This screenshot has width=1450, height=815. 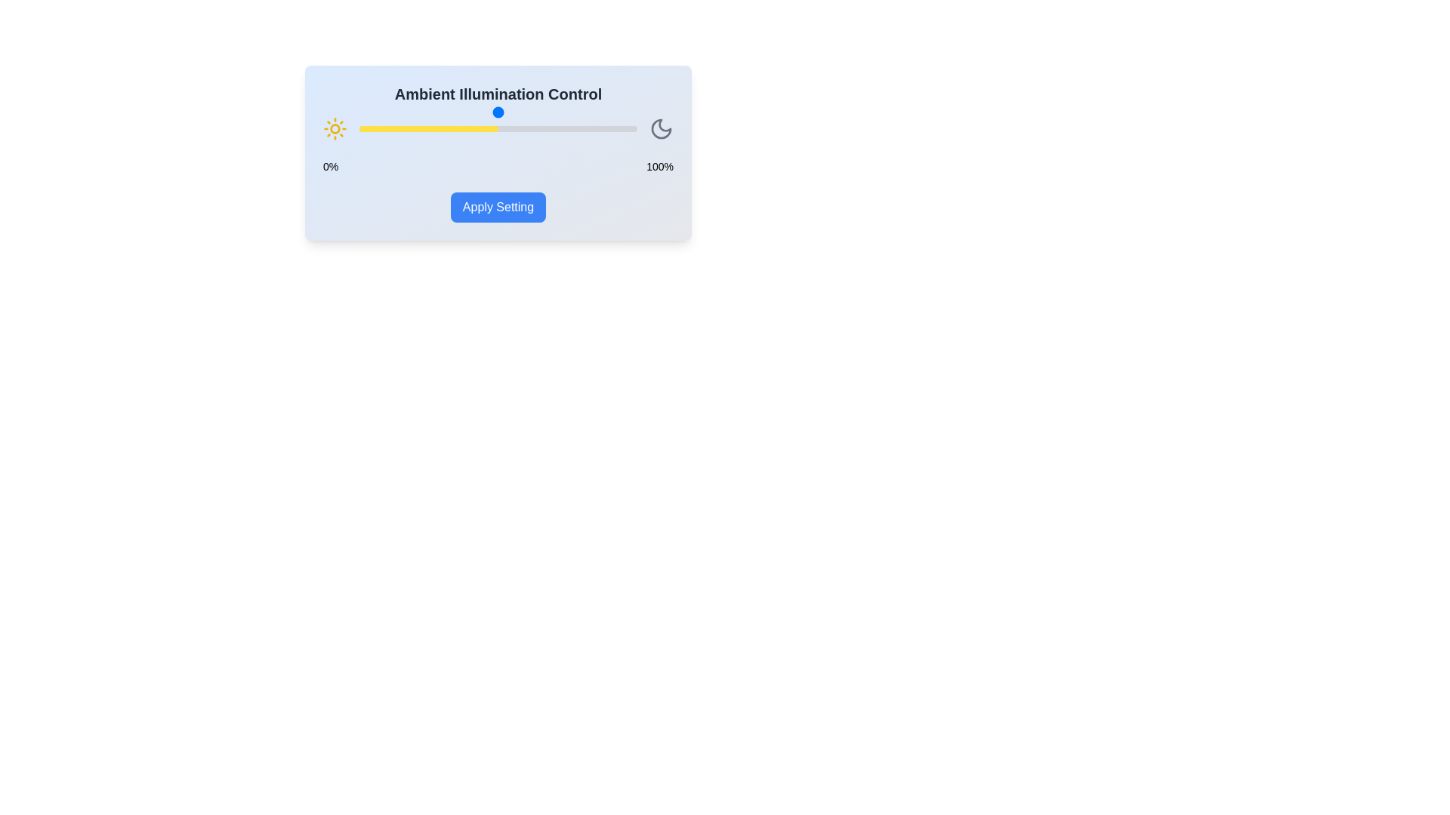 I want to click on the illumination slider to 80%, so click(x=581, y=128).